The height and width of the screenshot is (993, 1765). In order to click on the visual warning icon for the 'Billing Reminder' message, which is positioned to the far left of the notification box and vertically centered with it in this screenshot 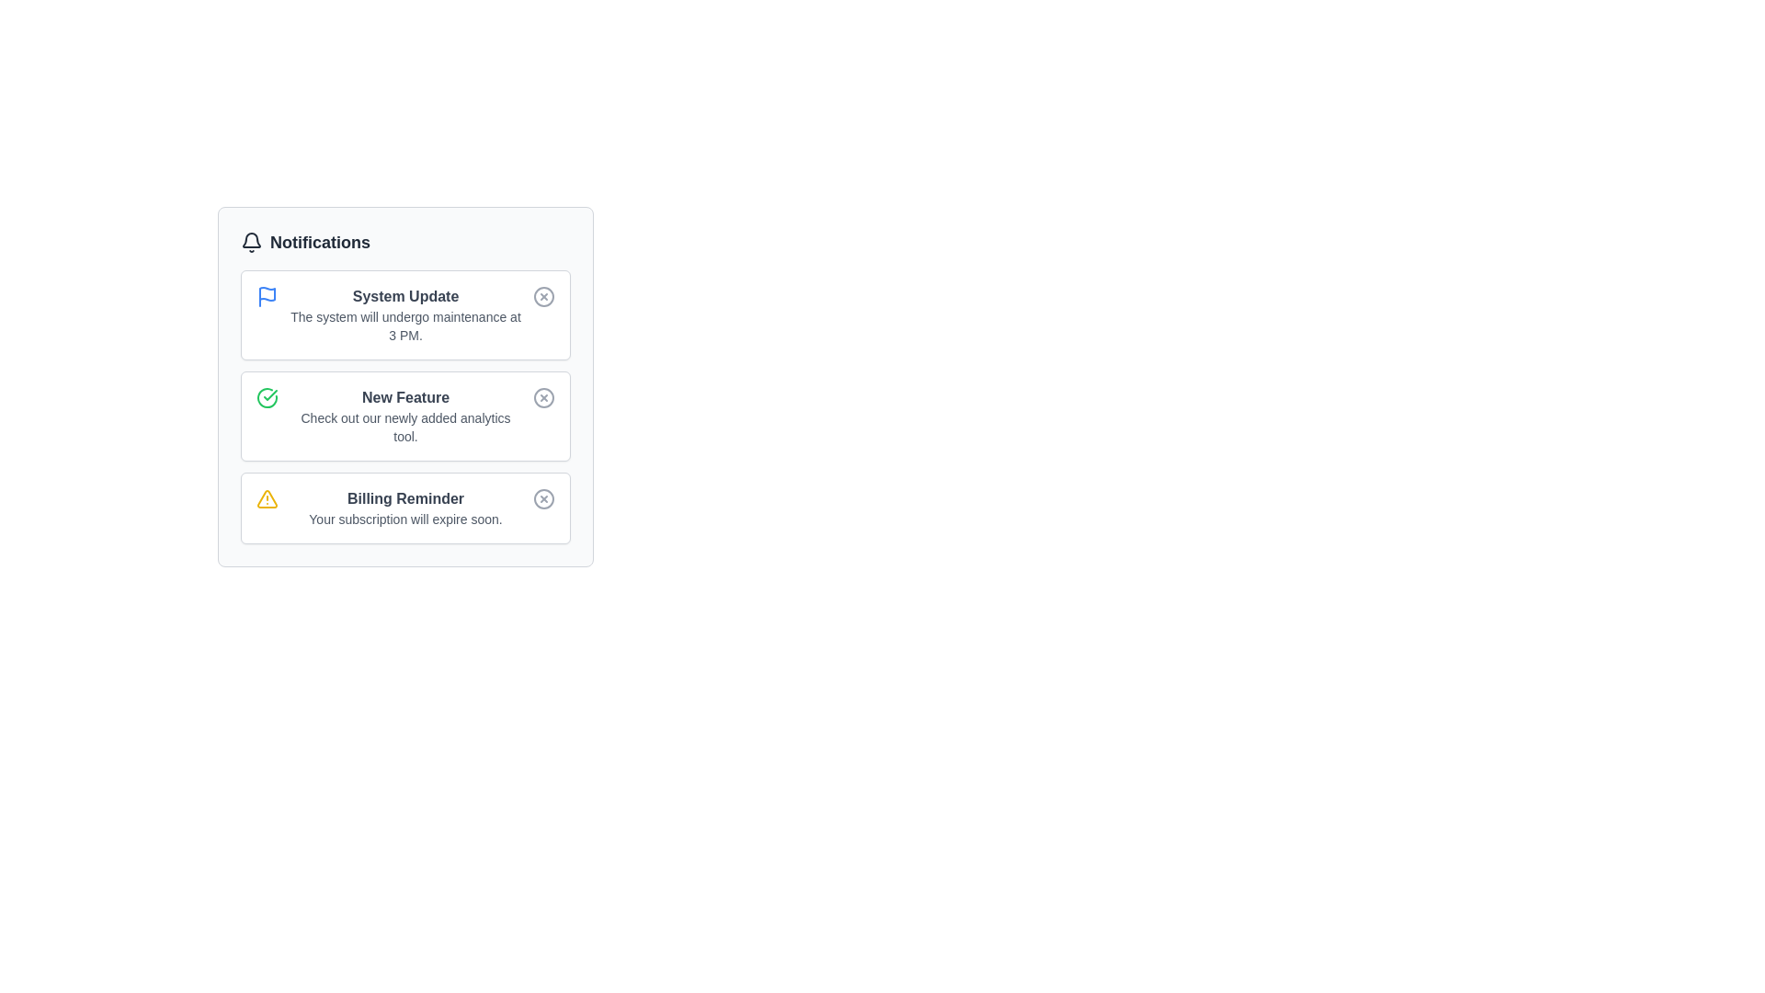, I will do `click(267, 499)`.